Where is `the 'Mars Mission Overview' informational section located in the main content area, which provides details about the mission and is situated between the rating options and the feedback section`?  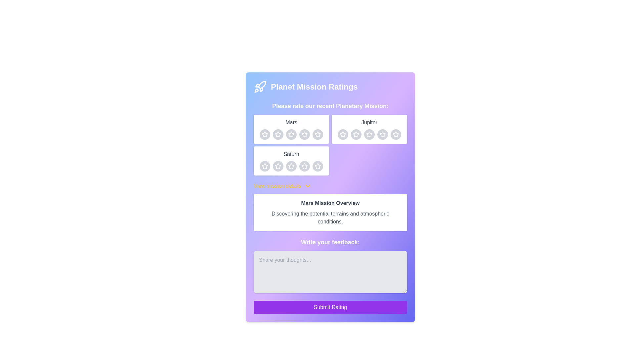 the 'Mars Mission Overview' informational section located in the main content area, which provides details about the mission and is situated between the rating options and the feedback section is located at coordinates (330, 206).